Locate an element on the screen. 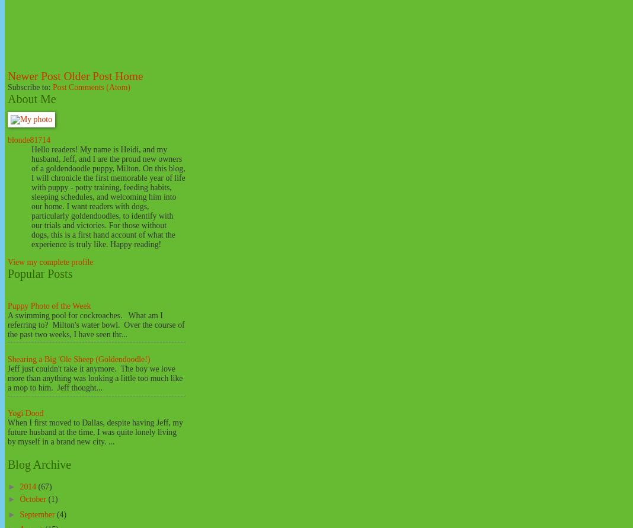  'A swimming pool for cockroaches.   What am I referring to?  Milton's water bowl.  Over the course of the past two weeks, I have seen thr...' is located at coordinates (96, 324).